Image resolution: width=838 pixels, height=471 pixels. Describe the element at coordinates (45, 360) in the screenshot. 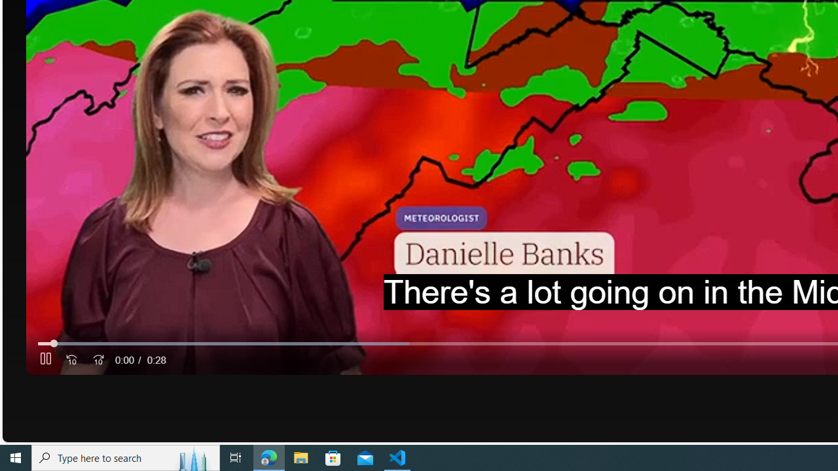

I see `'Pause'` at that location.